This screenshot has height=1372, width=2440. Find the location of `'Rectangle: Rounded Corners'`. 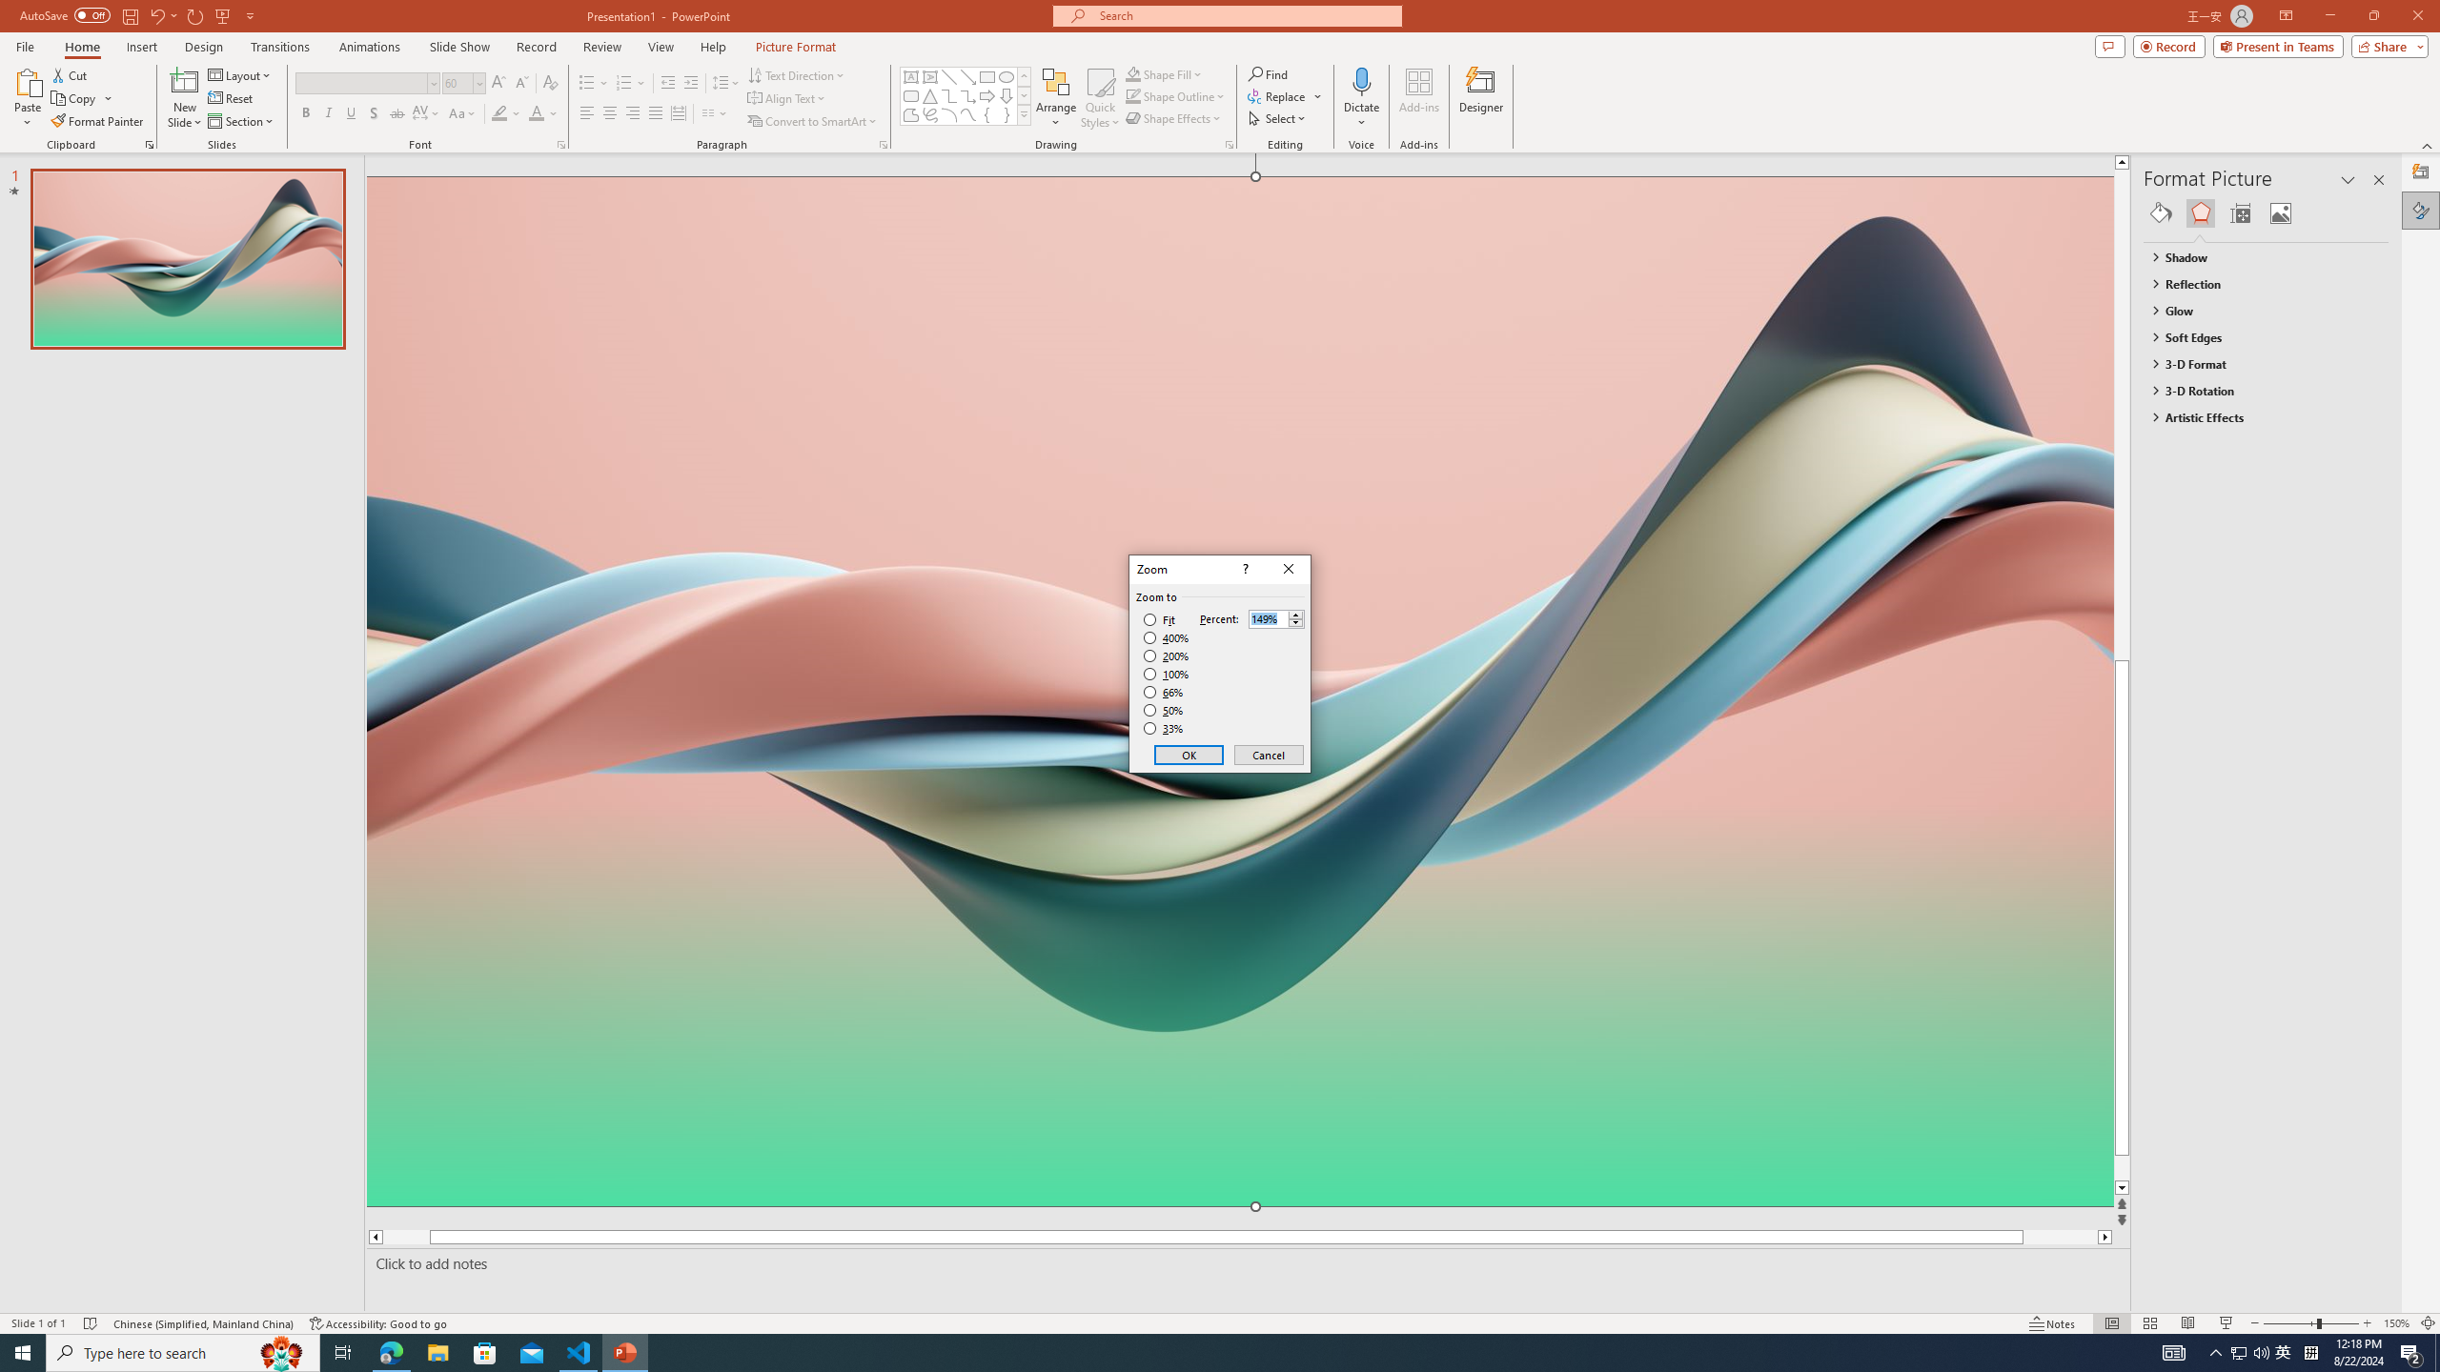

'Rectangle: Rounded Corners' is located at coordinates (910, 94).